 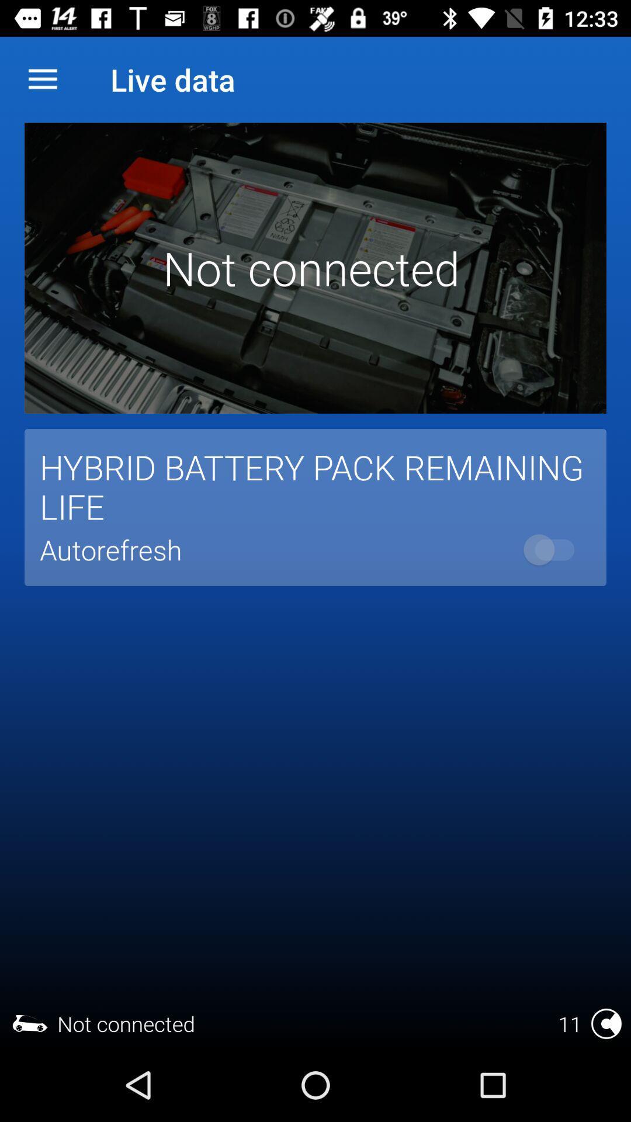 What do you see at coordinates (606, 1023) in the screenshot?
I see `the icon which is right to the number 11` at bounding box center [606, 1023].